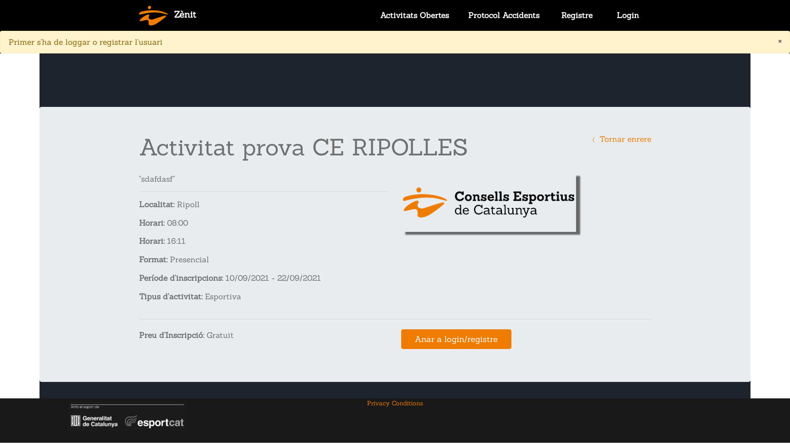  What do you see at coordinates (455, 339) in the screenshot?
I see `'Anar a login/registre'` at bounding box center [455, 339].